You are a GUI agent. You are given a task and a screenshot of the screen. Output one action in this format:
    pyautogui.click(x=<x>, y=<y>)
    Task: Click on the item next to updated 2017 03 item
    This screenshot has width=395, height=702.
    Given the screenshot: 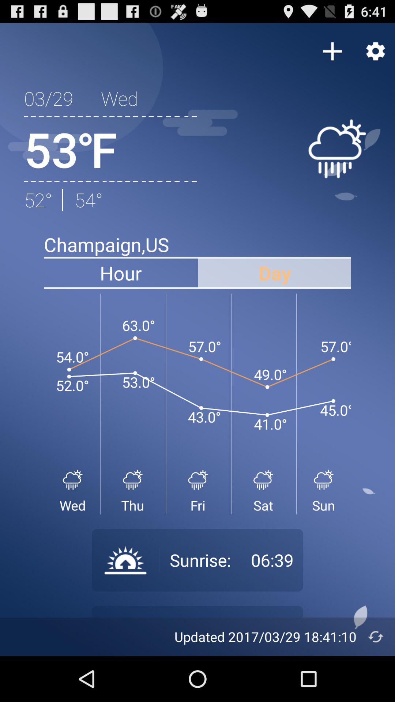 What is the action you would take?
    pyautogui.click(x=376, y=636)
    